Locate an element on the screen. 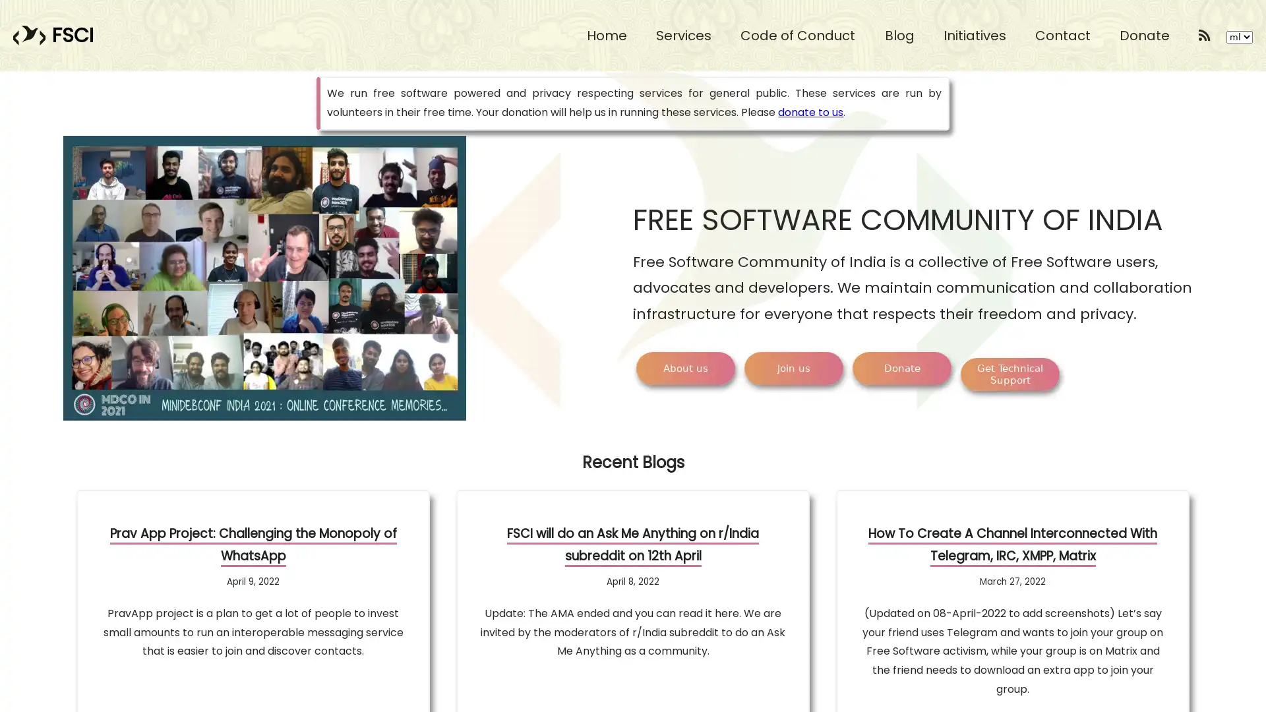 The height and width of the screenshot is (712, 1266). Donate is located at coordinates (901, 368).